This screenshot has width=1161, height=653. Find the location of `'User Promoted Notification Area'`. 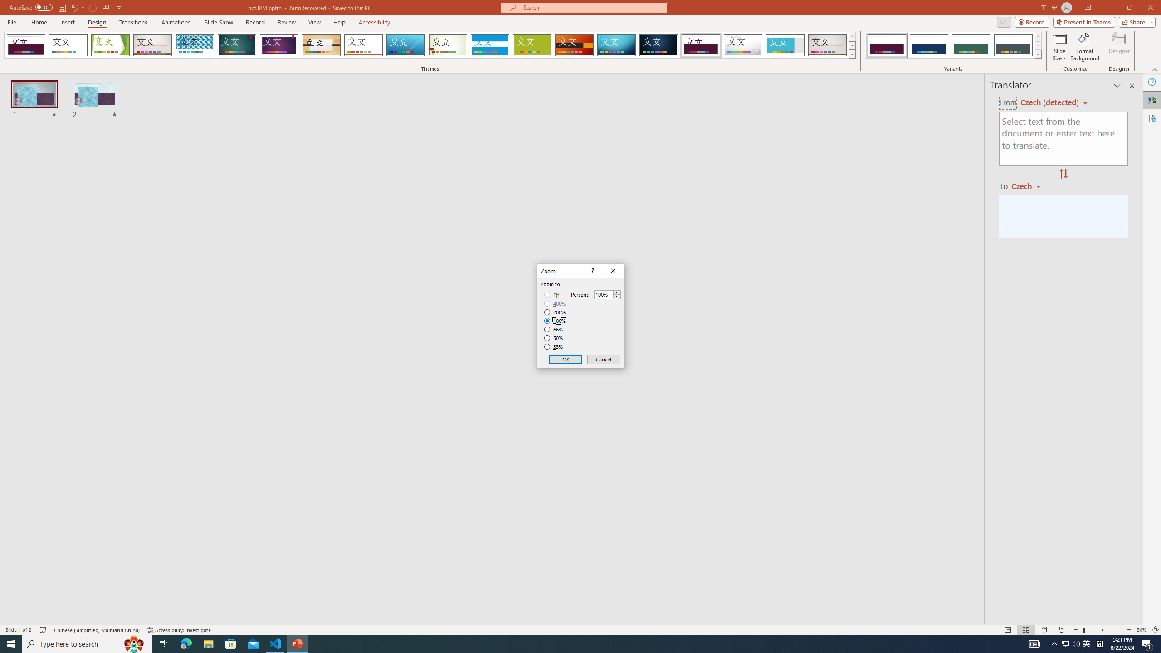

'User Promoted Notification Area' is located at coordinates (1070, 643).